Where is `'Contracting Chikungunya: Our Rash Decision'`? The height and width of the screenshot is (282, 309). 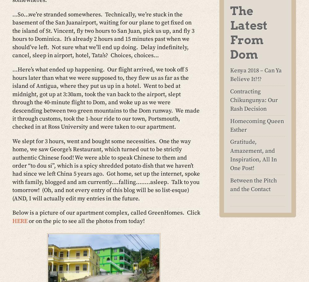 'Contracting Chikungunya: Our Rash Decision' is located at coordinates (254, 100).